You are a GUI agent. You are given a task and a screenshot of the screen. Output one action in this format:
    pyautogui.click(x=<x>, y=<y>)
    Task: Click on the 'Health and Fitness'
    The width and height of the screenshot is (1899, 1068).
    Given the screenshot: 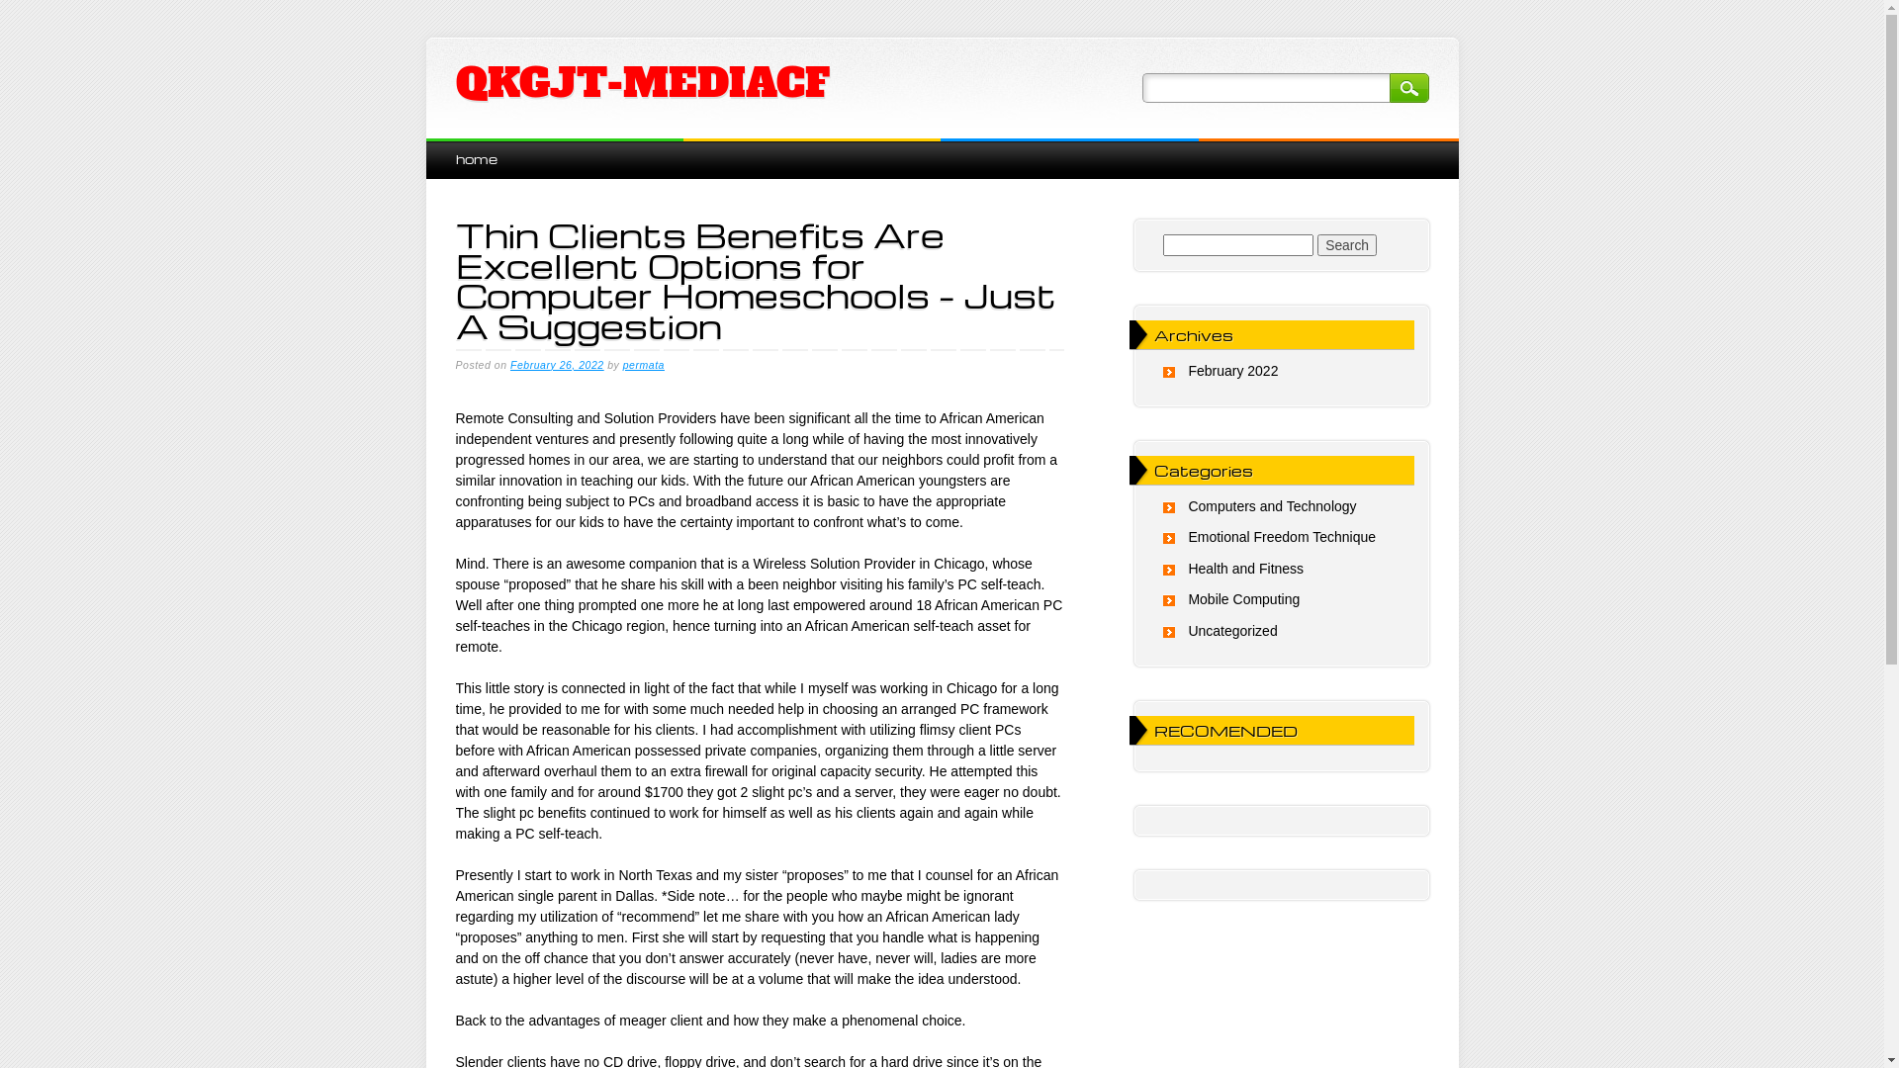 What is the action you would take?
    pyautogui.click(x=1187, y=568)
    